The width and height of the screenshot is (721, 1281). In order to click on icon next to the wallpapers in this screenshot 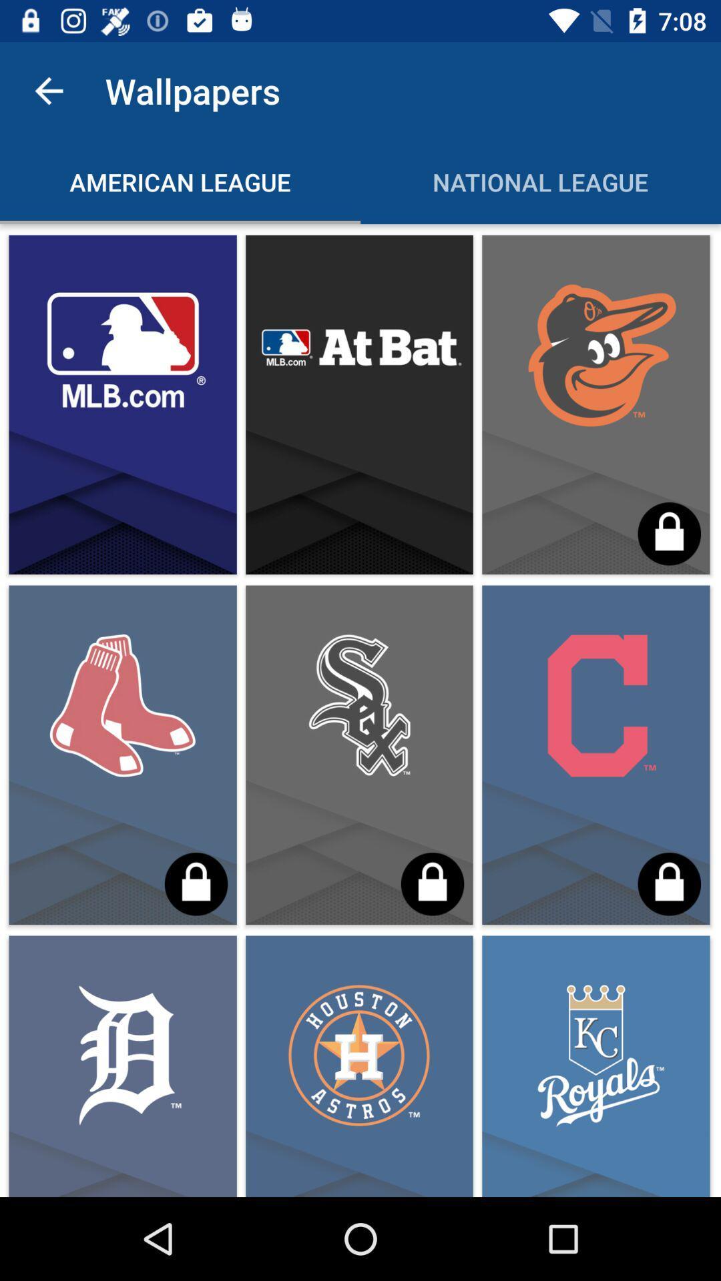, I will do `click(48, 90)`.